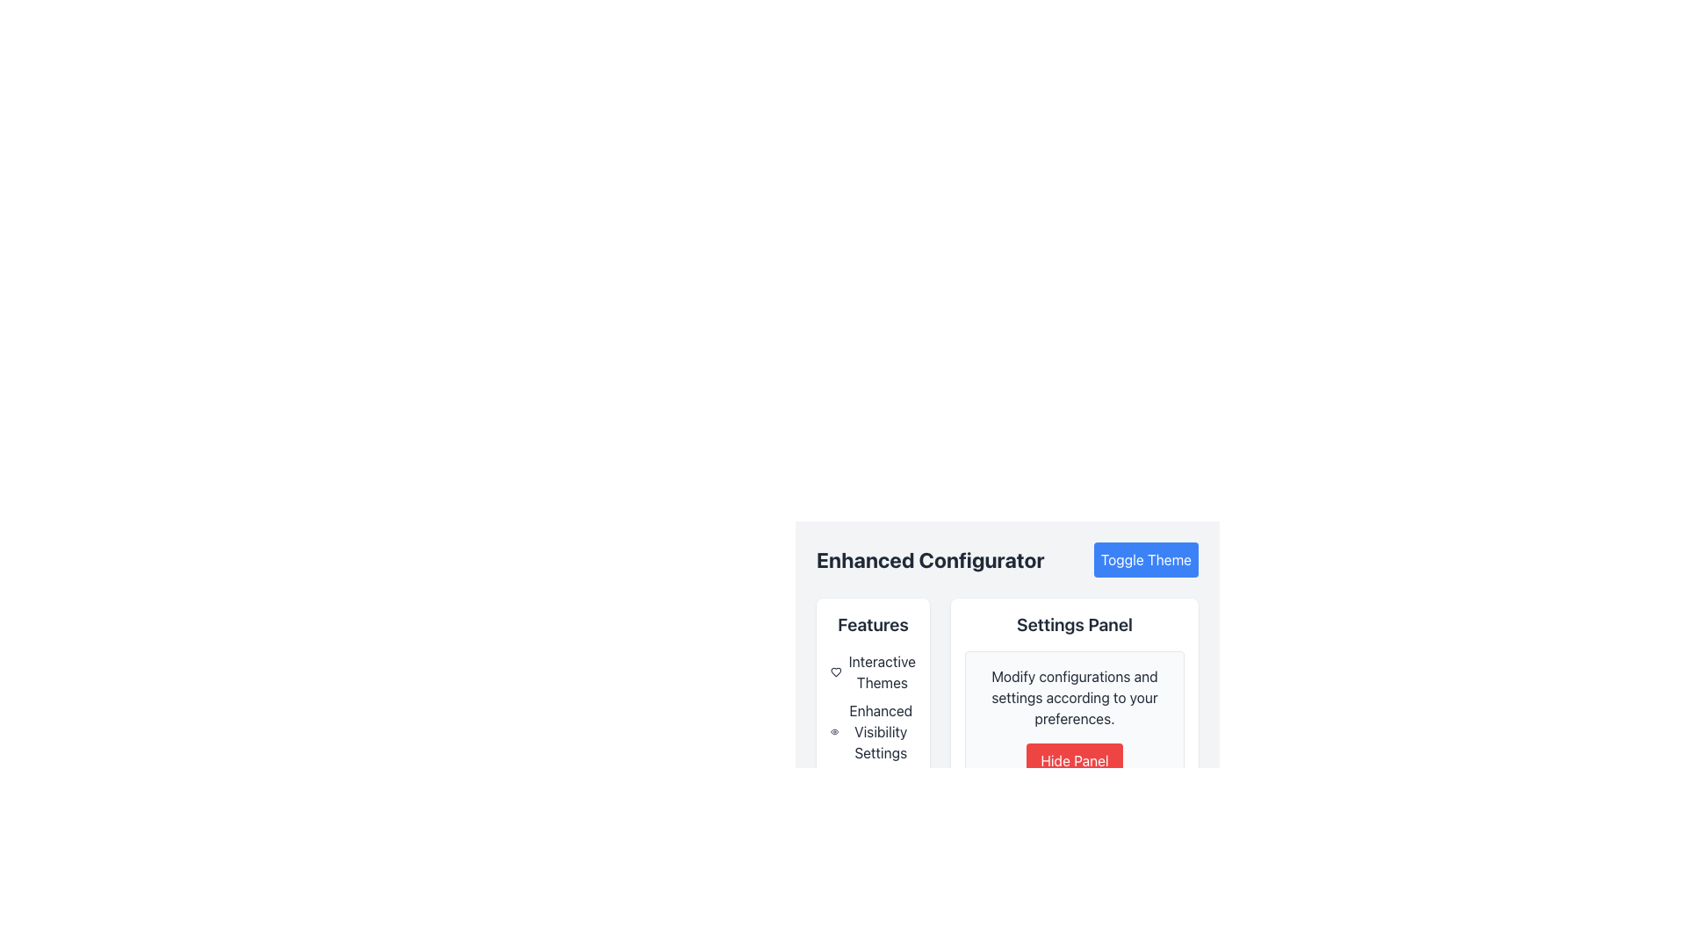  What do you see at coordinates (833, 731) in the screenshot?
I see `the eye icon that indicates visibility settings, located next to the 'Enhanced Visibility Settings' label` at bounding box center [833, 731].